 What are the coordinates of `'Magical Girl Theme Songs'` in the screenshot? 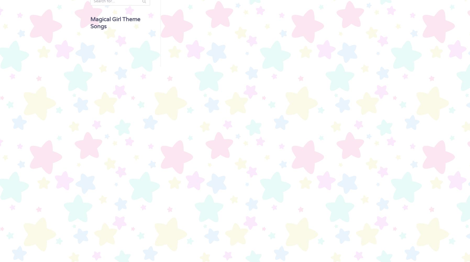 It's located at (90, 23).